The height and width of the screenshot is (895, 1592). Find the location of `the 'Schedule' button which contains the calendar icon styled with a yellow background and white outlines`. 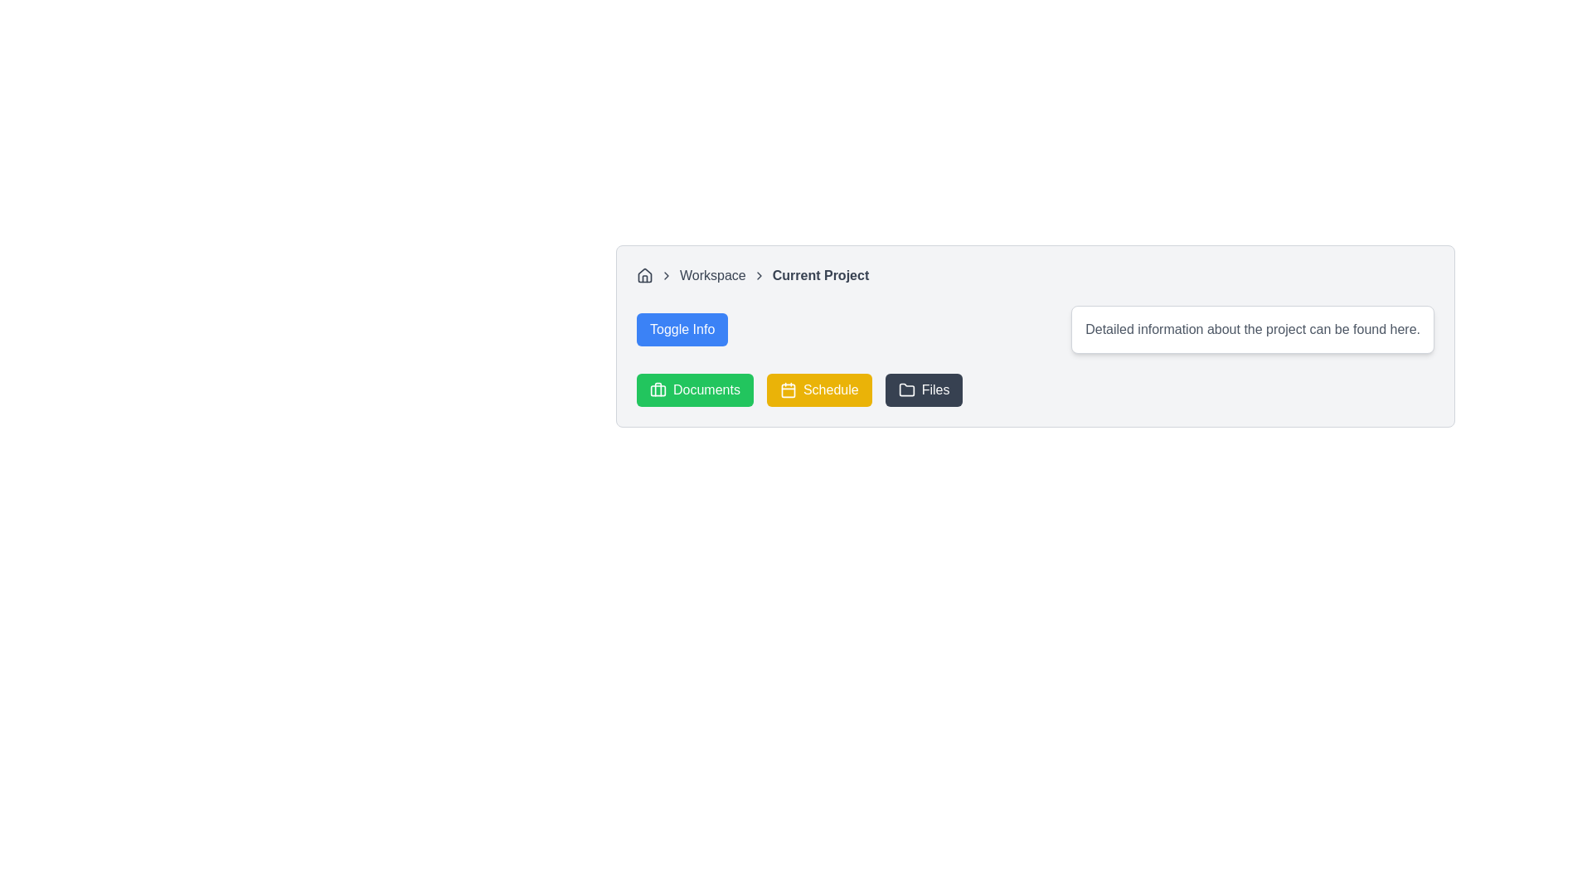

the 'Schedule' button which contains the calendar icon styled with a yellow background and white outlines is located at coordinates (787, 389).